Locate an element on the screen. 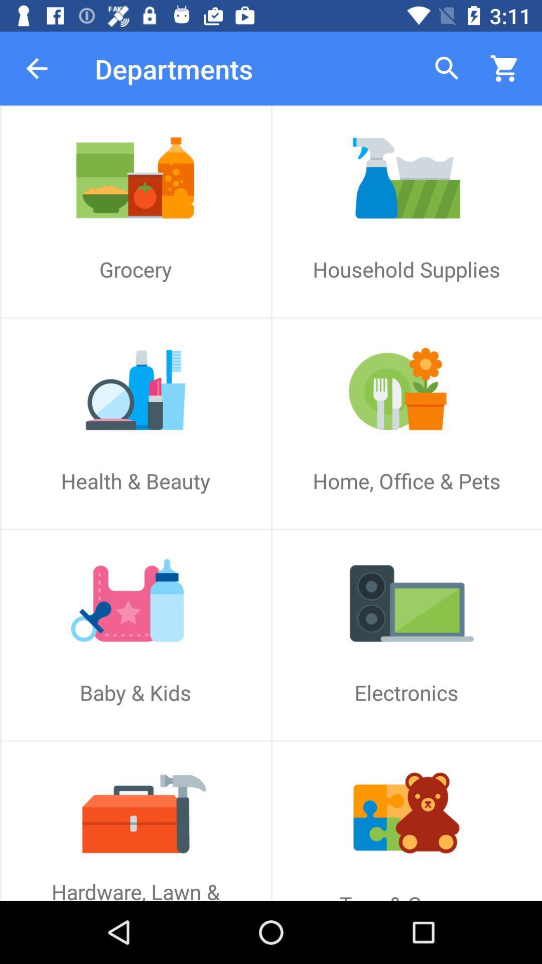 Image resolution: width=542 pixels, height=964 pixels. the icon to the left of the departments app is located at coordinates (36, 68).